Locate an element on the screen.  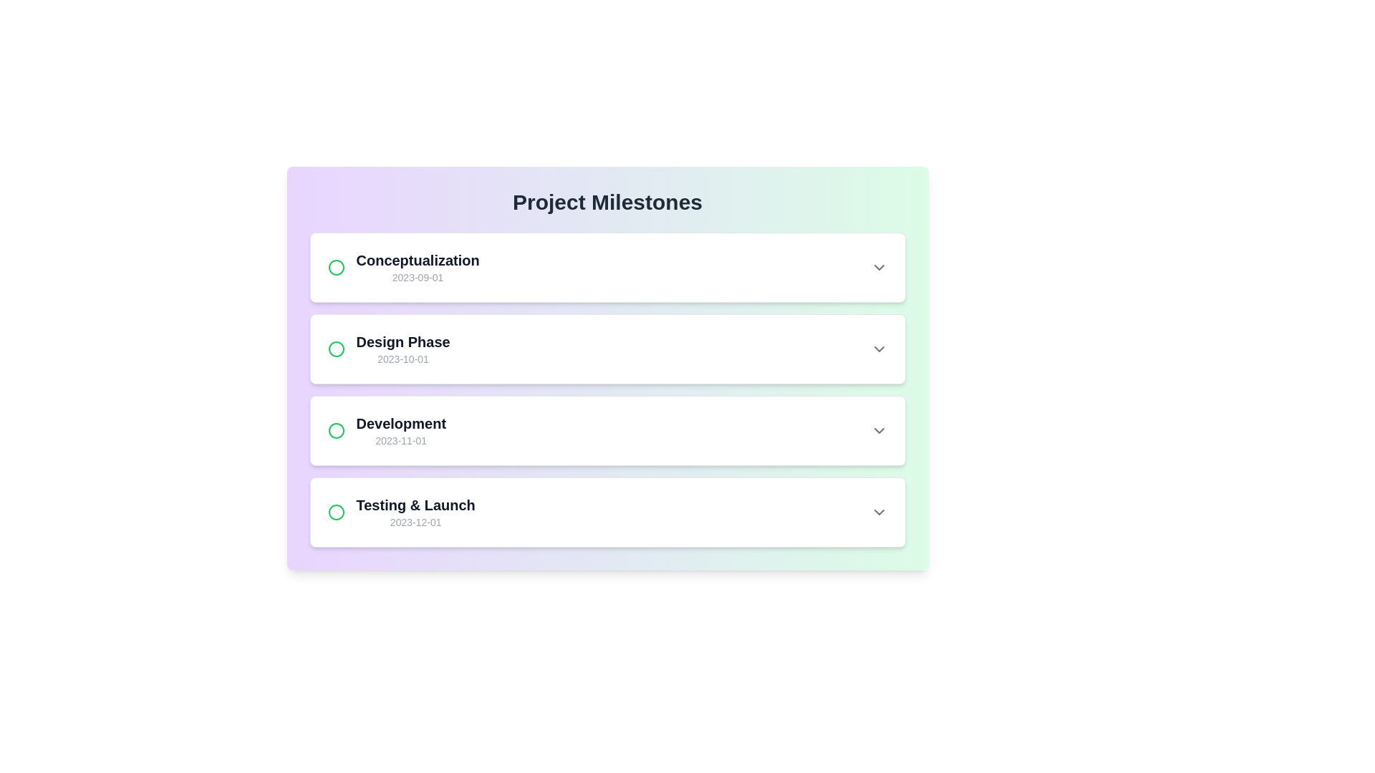
the downward-pointing chevron icon styled in gray, located on the right side of the 'Development' milestone entry in the 'Project Milestones' section is located at coordinates (878, 429).